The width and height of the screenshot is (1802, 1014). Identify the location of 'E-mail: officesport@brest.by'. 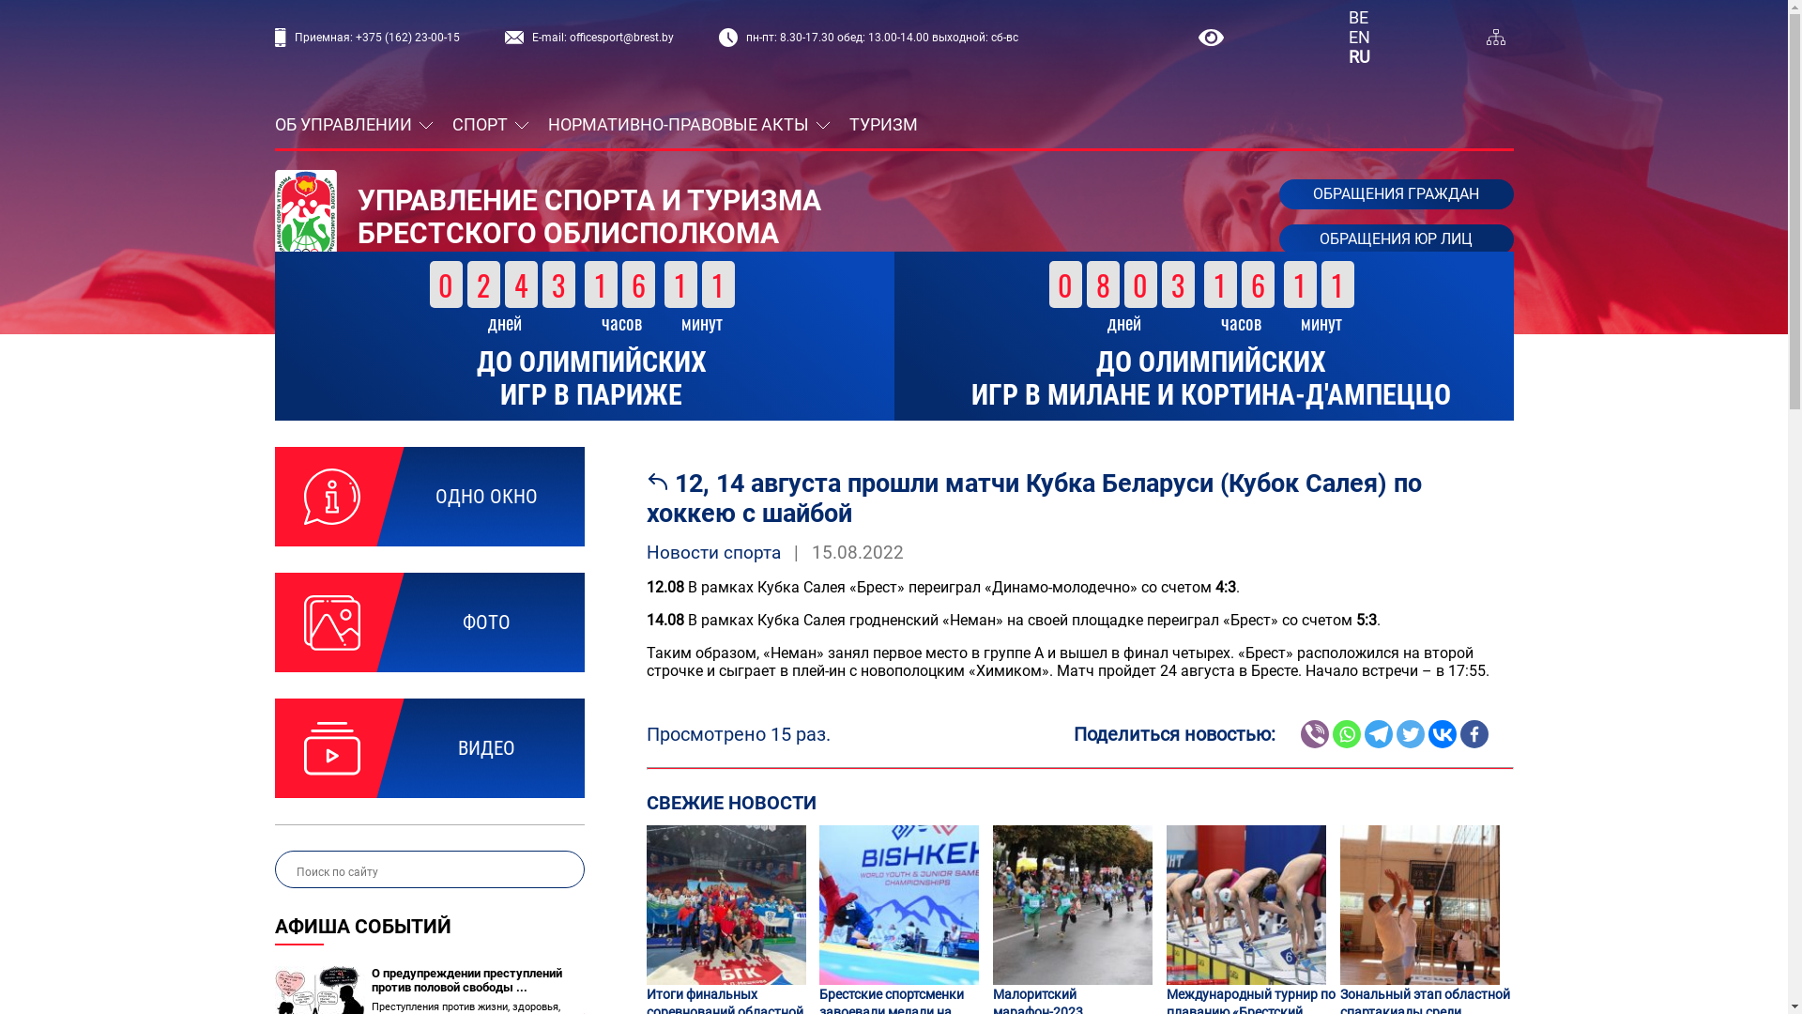
(504, 36).